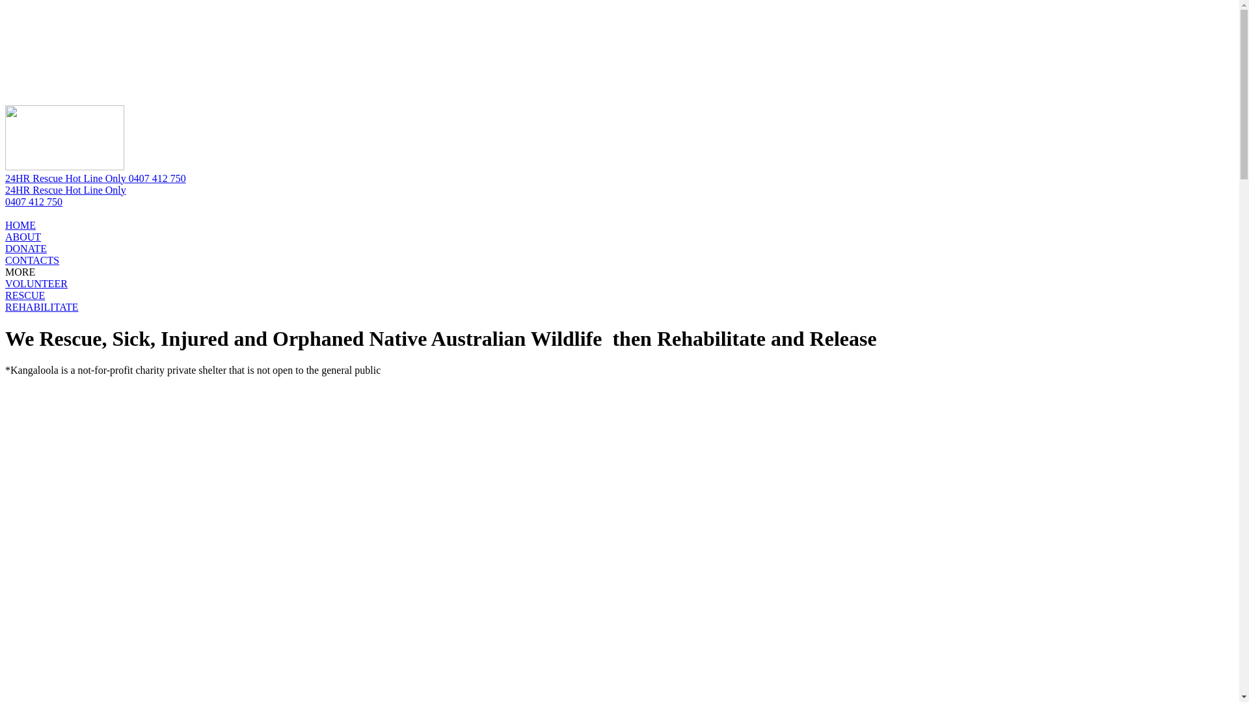 Image resolution: width=1249 pixels, height=702 pixels. I want to click on 'HOME', so click(20, 224).